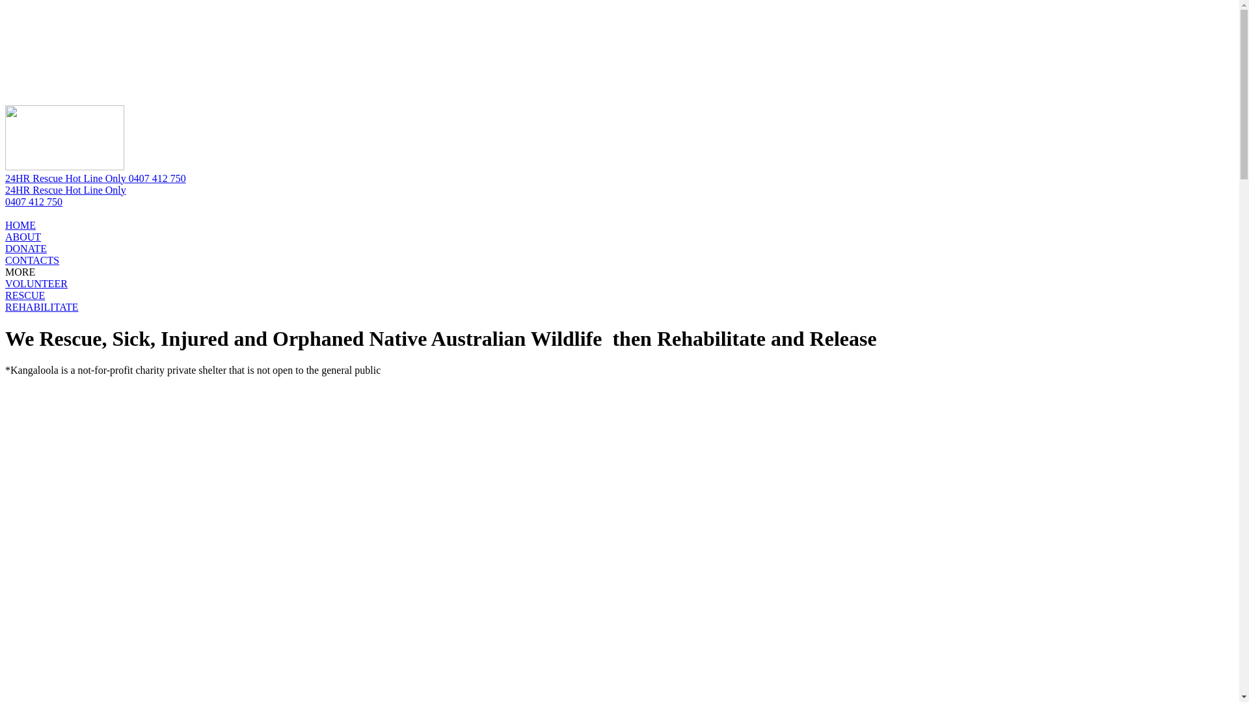 Image resolution: width=1249 pixels, height=702 pixels. I want to click on 'HOME', so click(20, 224).